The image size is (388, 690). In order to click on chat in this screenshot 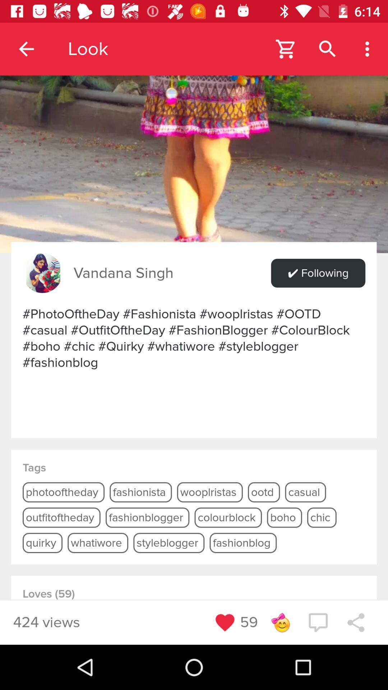, I will do `click(318, 622)`.